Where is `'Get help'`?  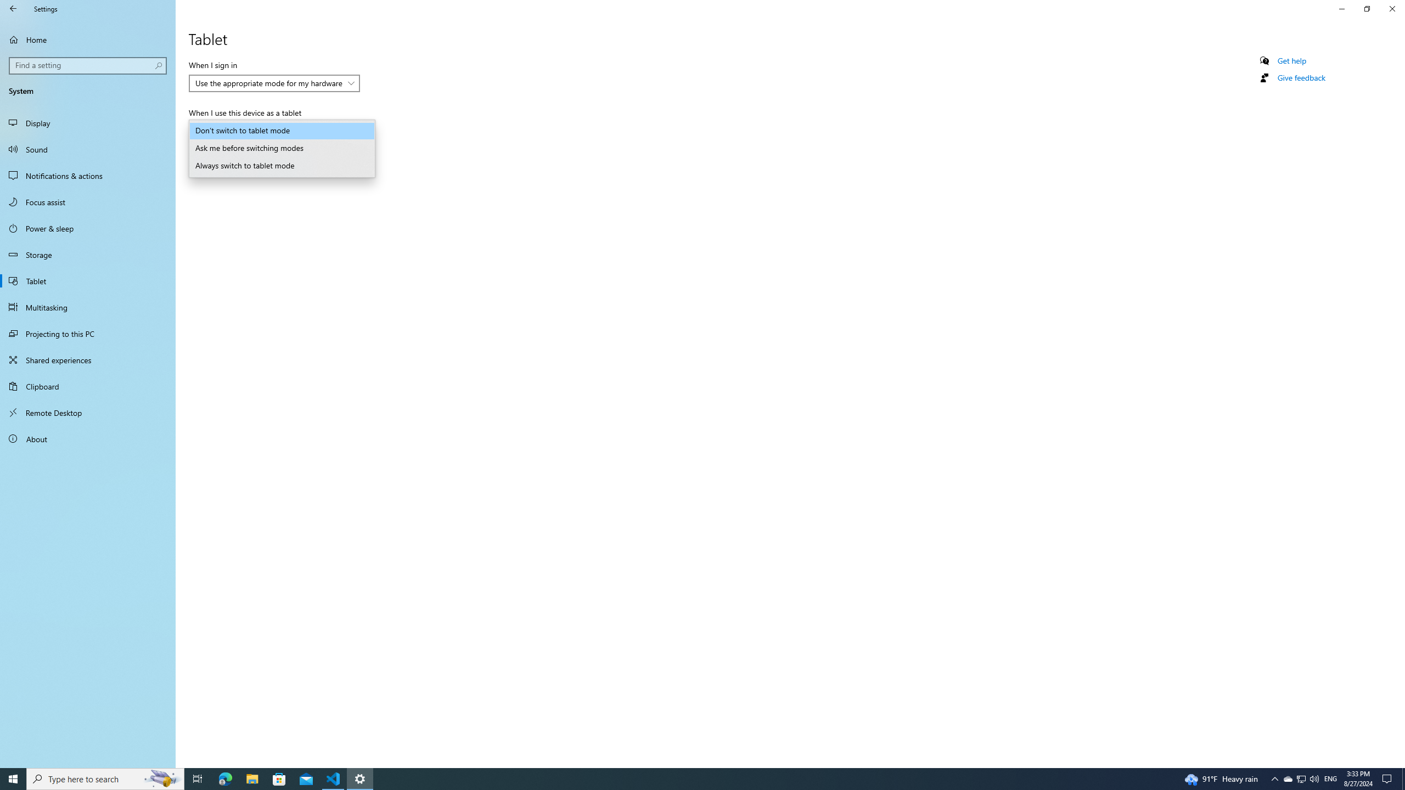
'Get help' is located at coordinates (1291, 60).